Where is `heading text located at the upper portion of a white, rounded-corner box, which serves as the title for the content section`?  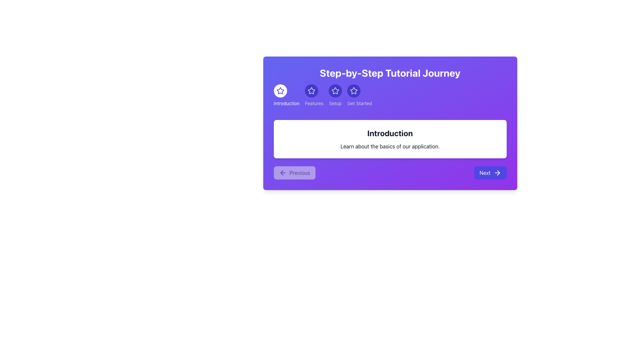
heading text located at the upper portion of a white, rounded-corner box, which serves as the title for the content section is located at coordinates (390, 133).